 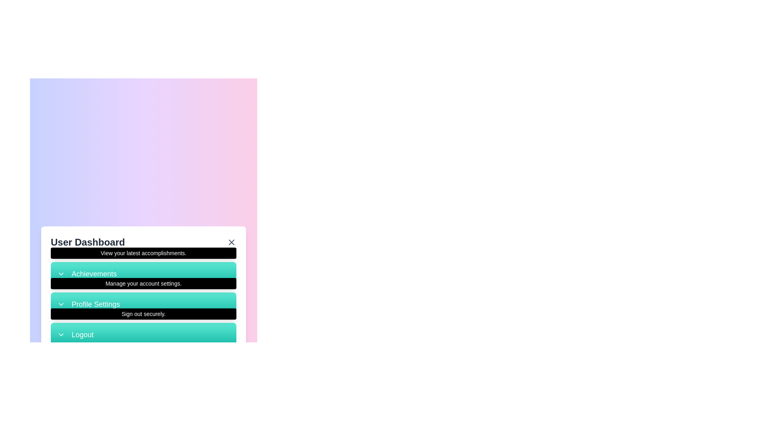 What do you see at coordinates (231, 242) in the screenshot?
I see `the close button located in the top-right corner of the 'User Dashboard' header section` at bounding box center [231, 242].